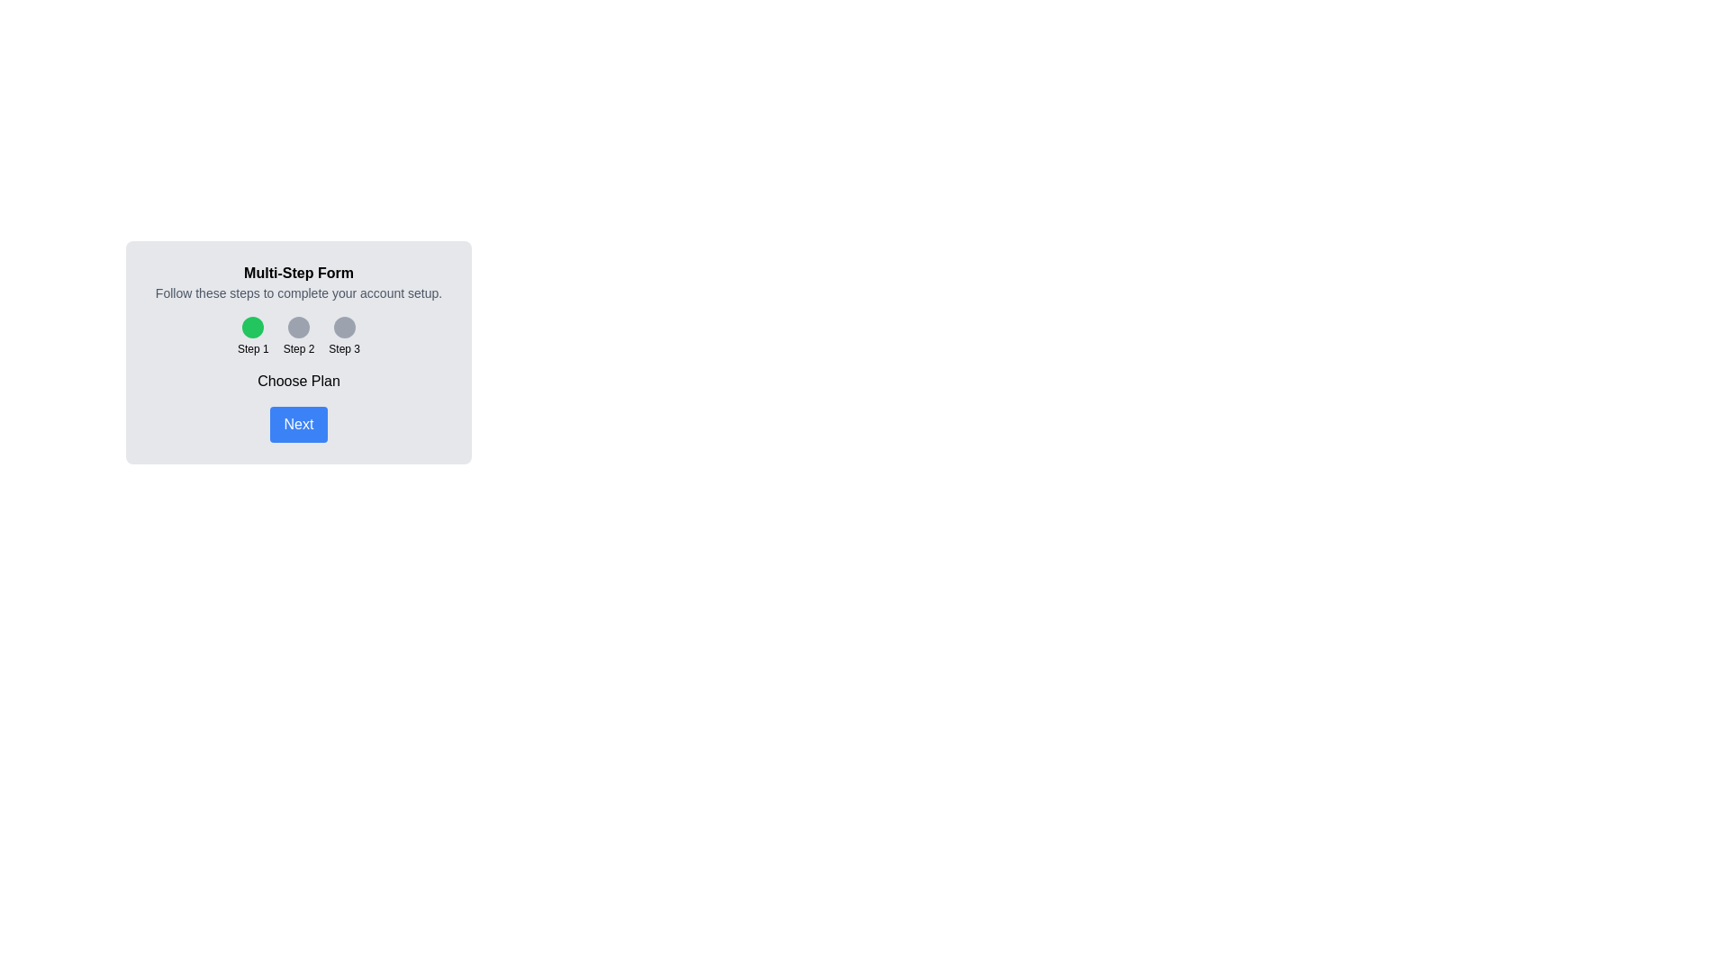 This screenshot has height=972, width=1729. Describe the element at coordinates (252, 337) in the screenshot. I see `the step indicator for Step 1 to navigate to that step` at that location.